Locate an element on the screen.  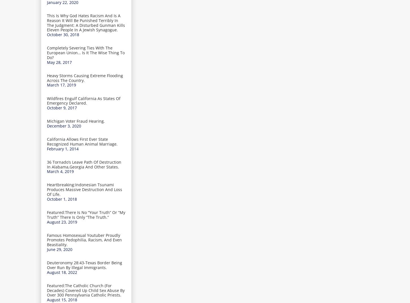
'California Allows First Ever State Recognized Human Animal Marriage.' is located at coordinates (82, 141).